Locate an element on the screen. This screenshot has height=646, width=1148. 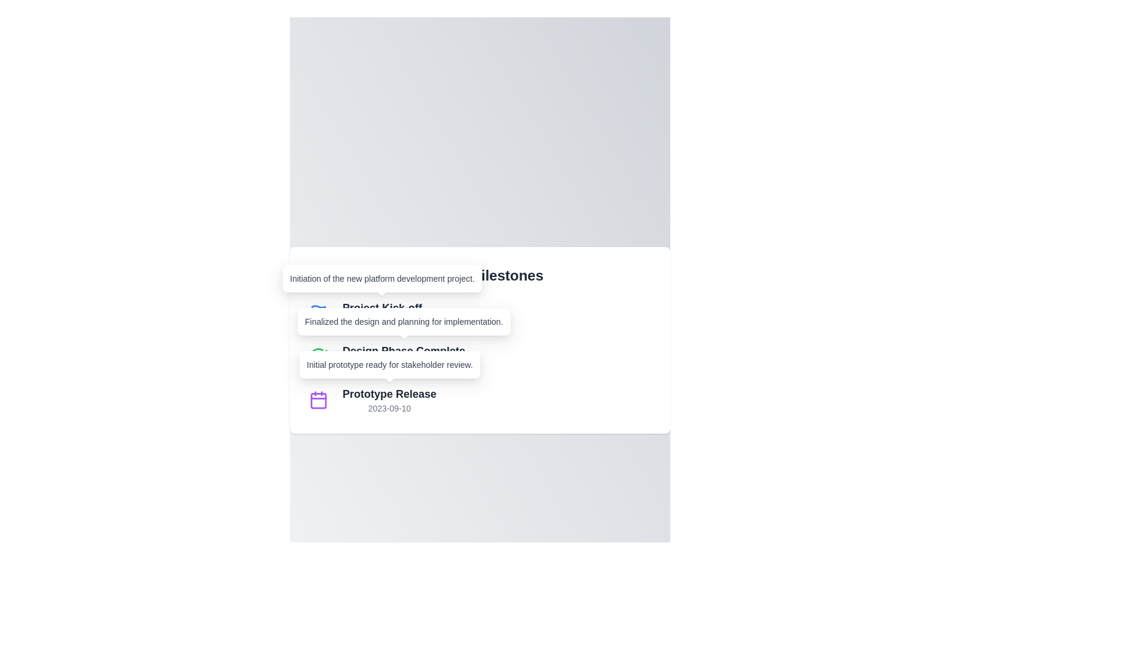
the 'Project Milestones' header text, which is a bold, large-font title styled in black and prominently positioned at the top of a white rectangular card is located at coordinates (480, 276).